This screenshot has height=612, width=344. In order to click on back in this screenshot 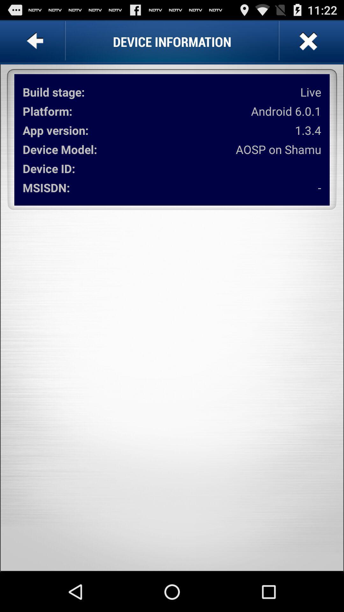, I will do `click(36, 41)`.